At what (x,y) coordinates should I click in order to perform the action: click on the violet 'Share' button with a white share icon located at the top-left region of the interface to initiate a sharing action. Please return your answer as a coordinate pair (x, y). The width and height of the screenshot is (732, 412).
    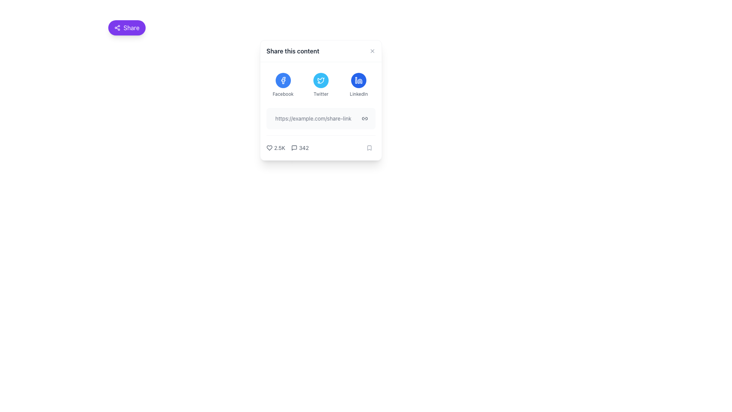
    Looking at the image, I should click on (127, 27).